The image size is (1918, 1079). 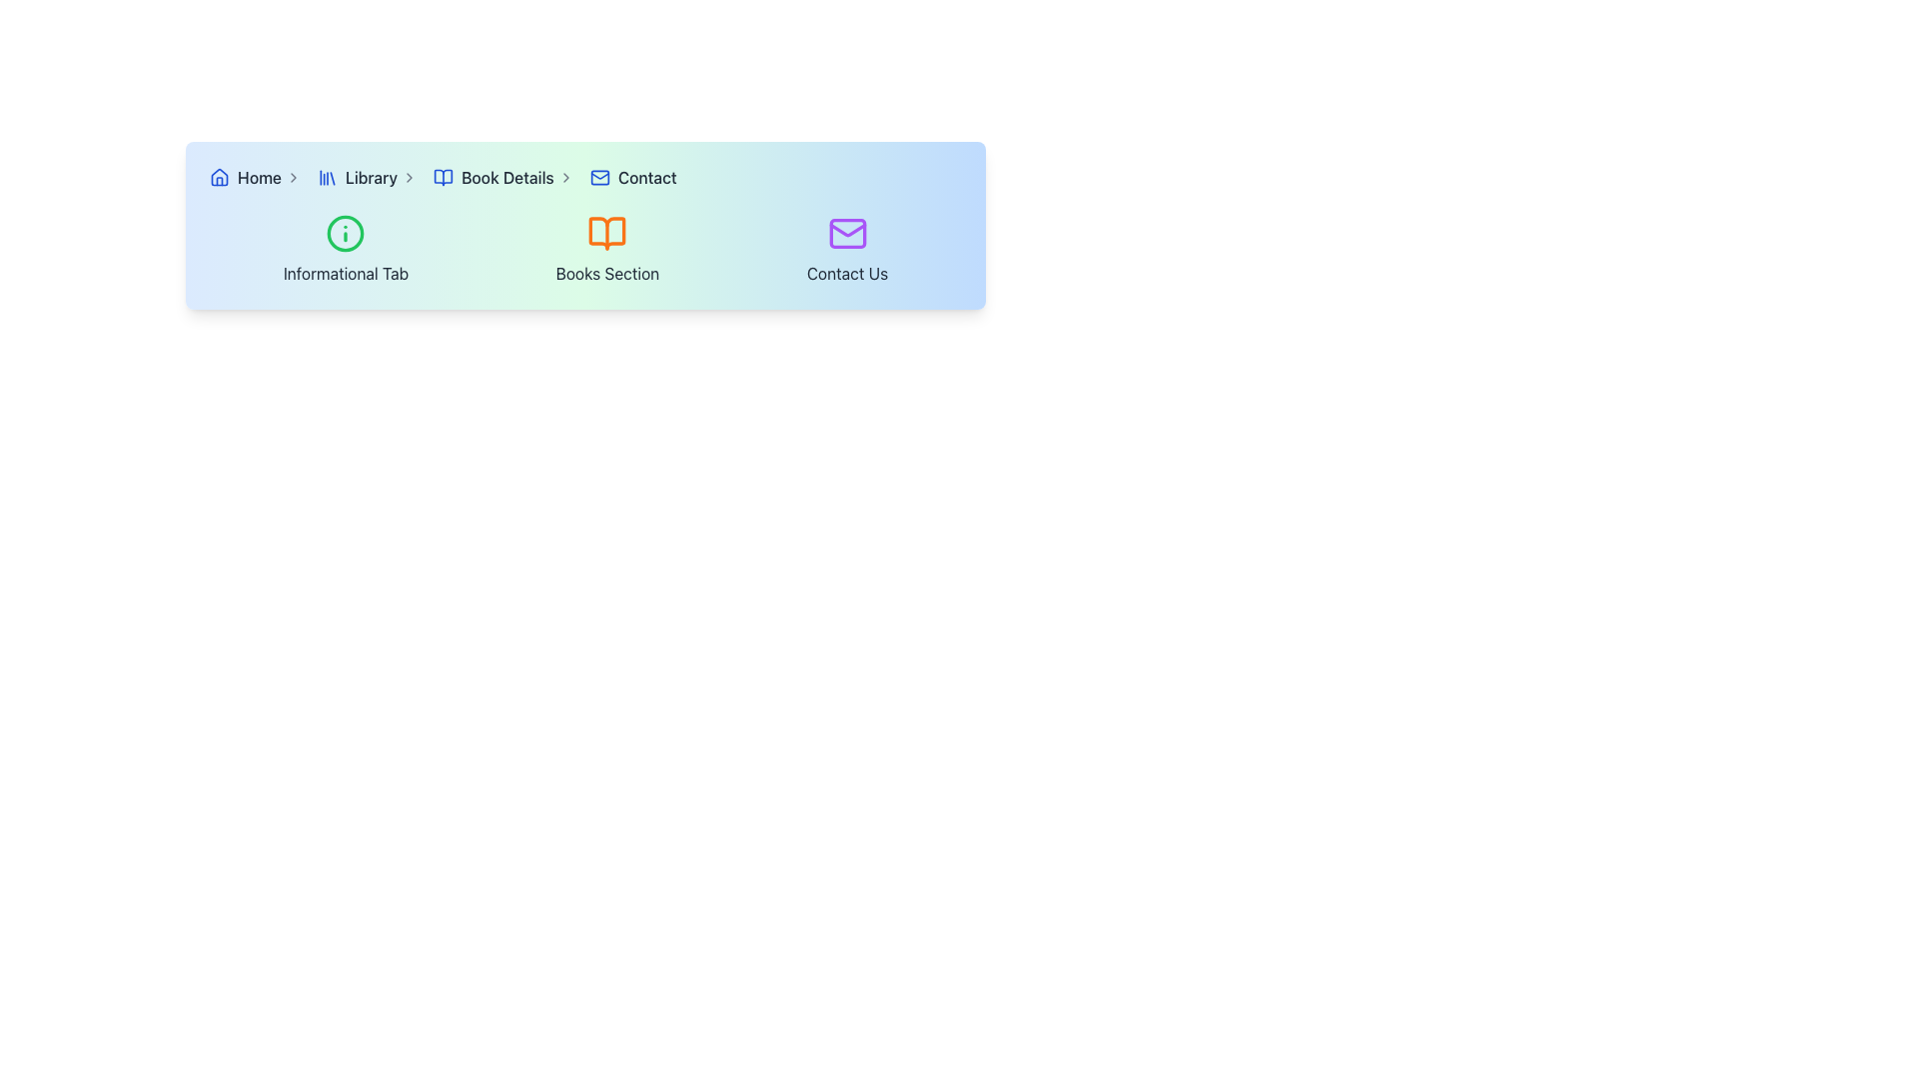 I want to click on the 'Library' navigation link located in the horizontal navigation bar, so click(x=369, y=176).